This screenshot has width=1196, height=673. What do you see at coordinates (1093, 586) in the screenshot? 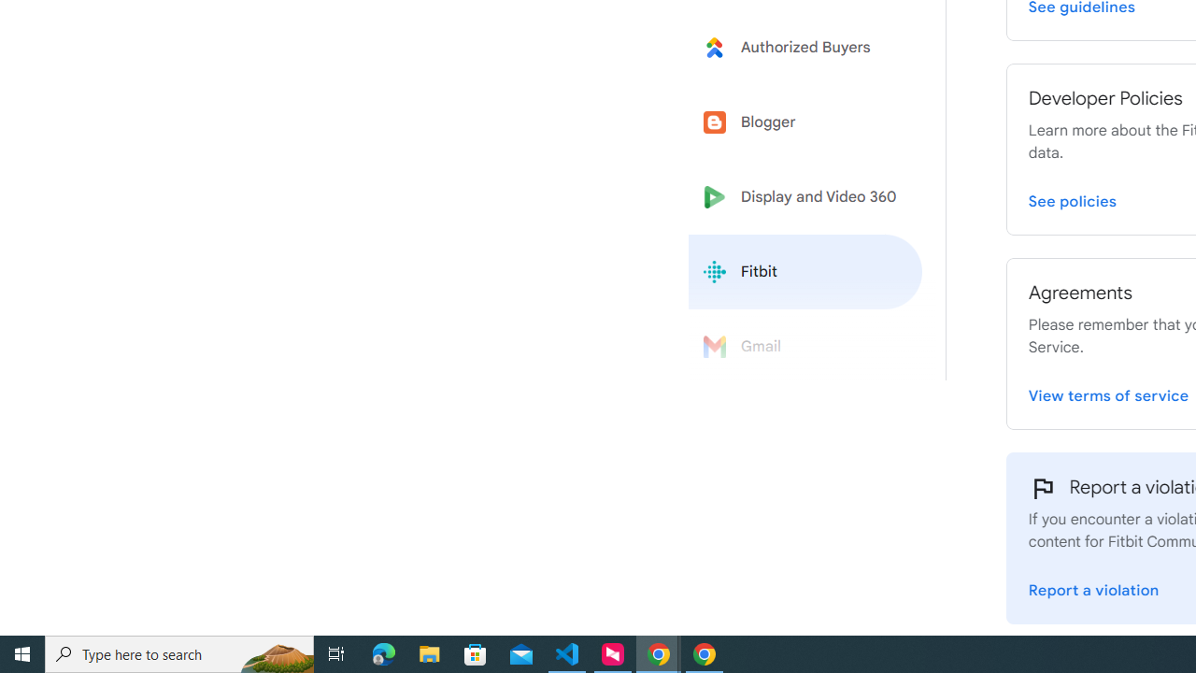
I see `'Report a violation'` at bounding box center [1093, 586].